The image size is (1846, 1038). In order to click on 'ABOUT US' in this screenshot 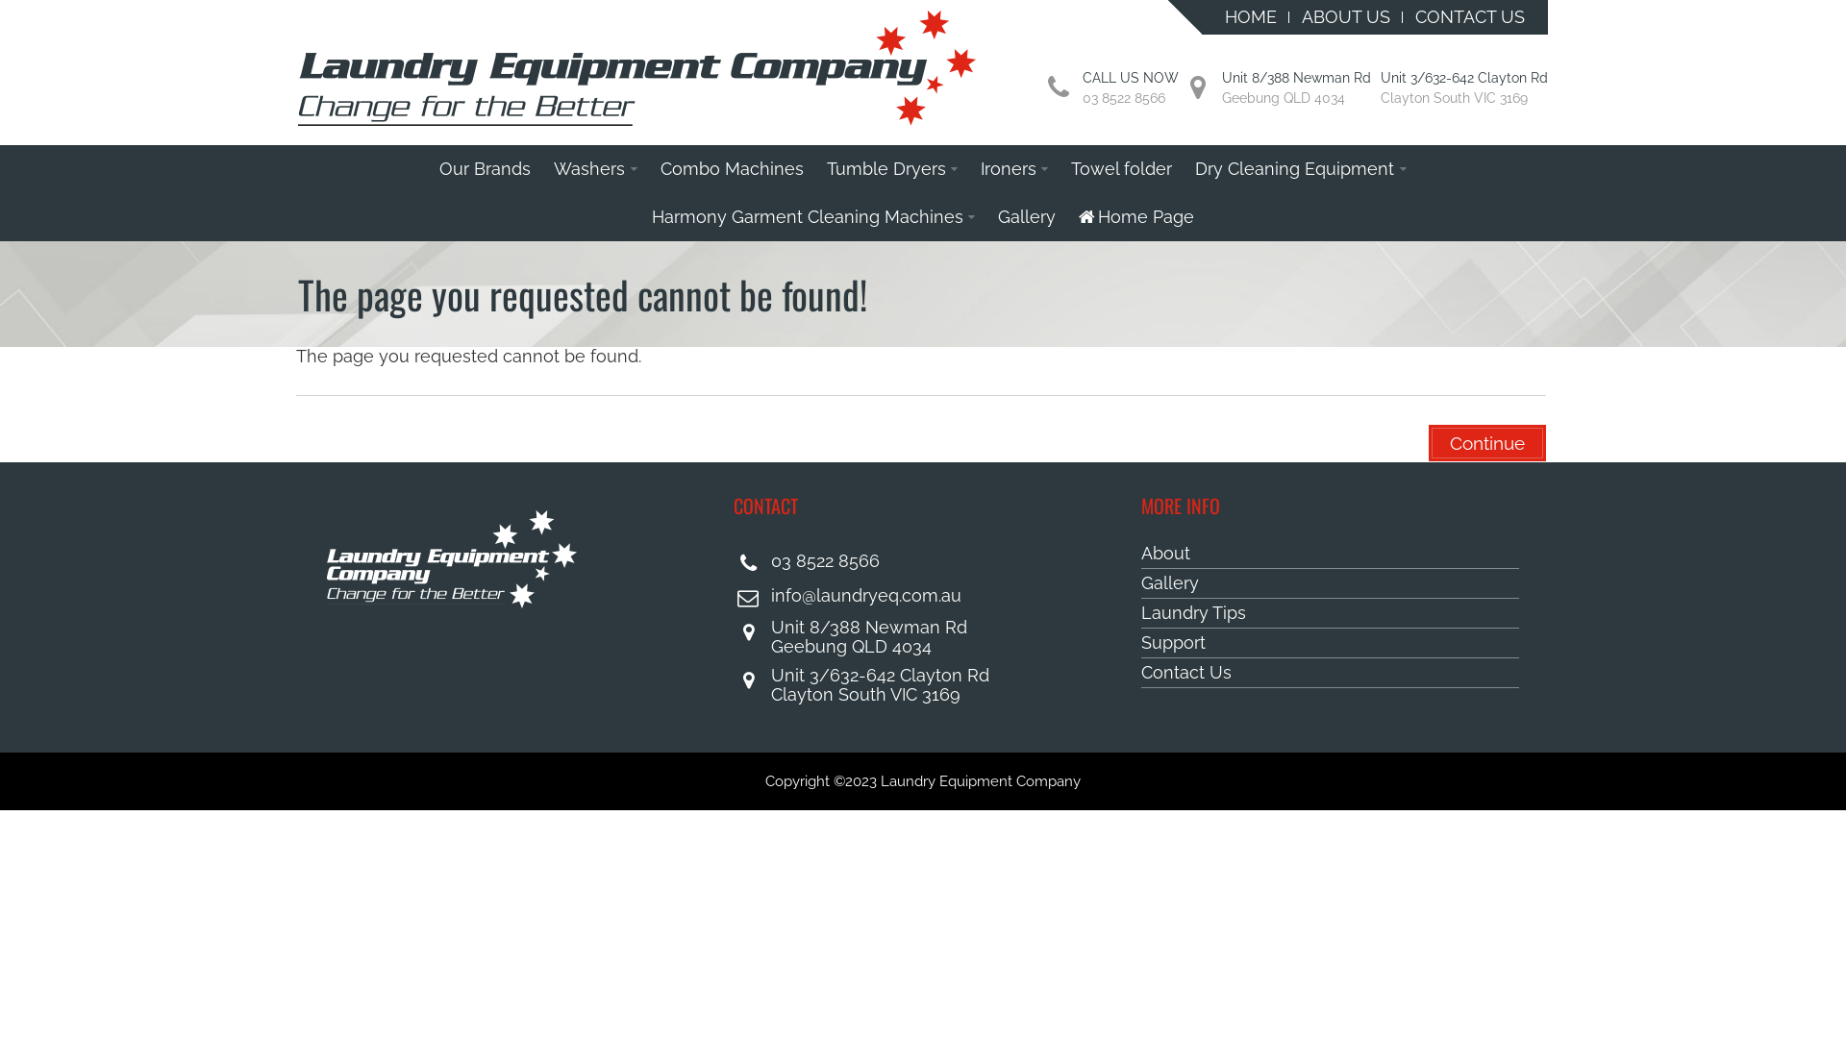, I will do `click(1345, 17)`.